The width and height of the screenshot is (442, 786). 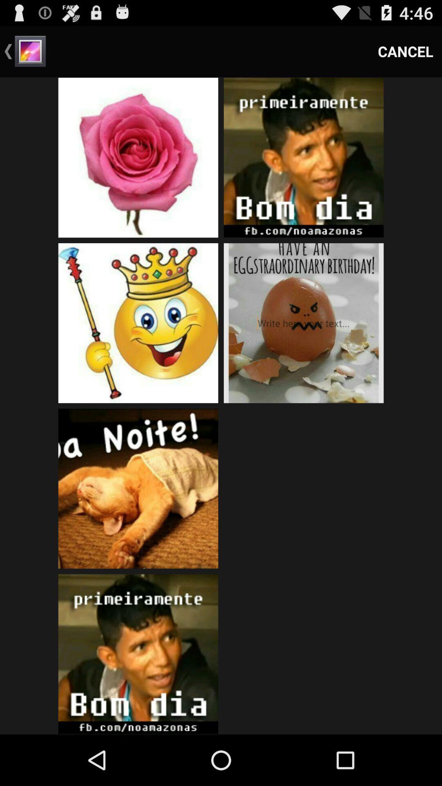 I want to click on the cancel icon, so click(x=406, y=51).